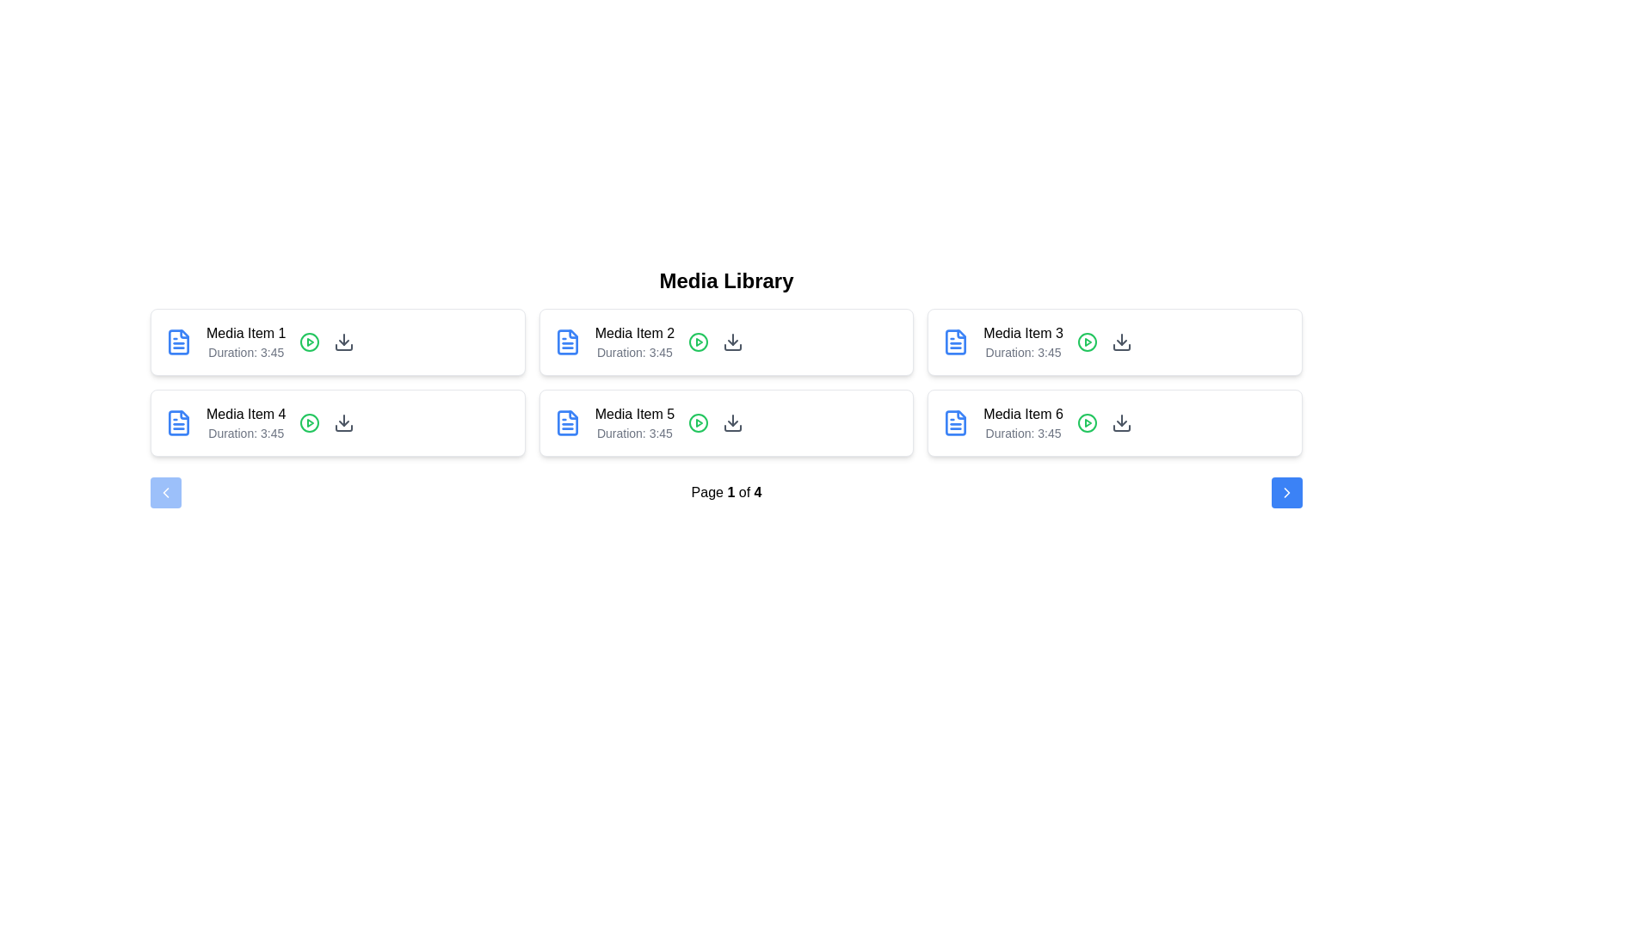 This screenshot has width=1652, height=929. Describe the element at coordinates (344, 341) in the screenshot. I see `the download icon, which is represented by a downward arrow and a horizontal line underneath it, located within the first media item card to initiate download` at that location.